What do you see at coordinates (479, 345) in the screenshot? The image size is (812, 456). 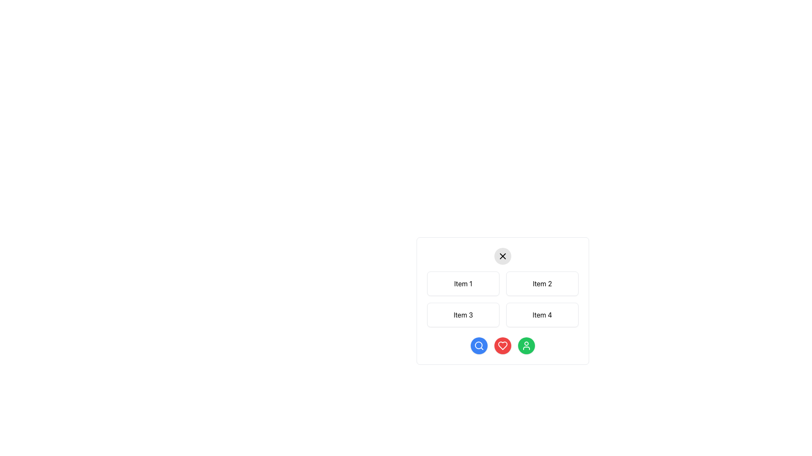 I see `the first button in the horizontal list at the bottom of the card-like interface for keyboard navigation` at bounding box center [479, 345].